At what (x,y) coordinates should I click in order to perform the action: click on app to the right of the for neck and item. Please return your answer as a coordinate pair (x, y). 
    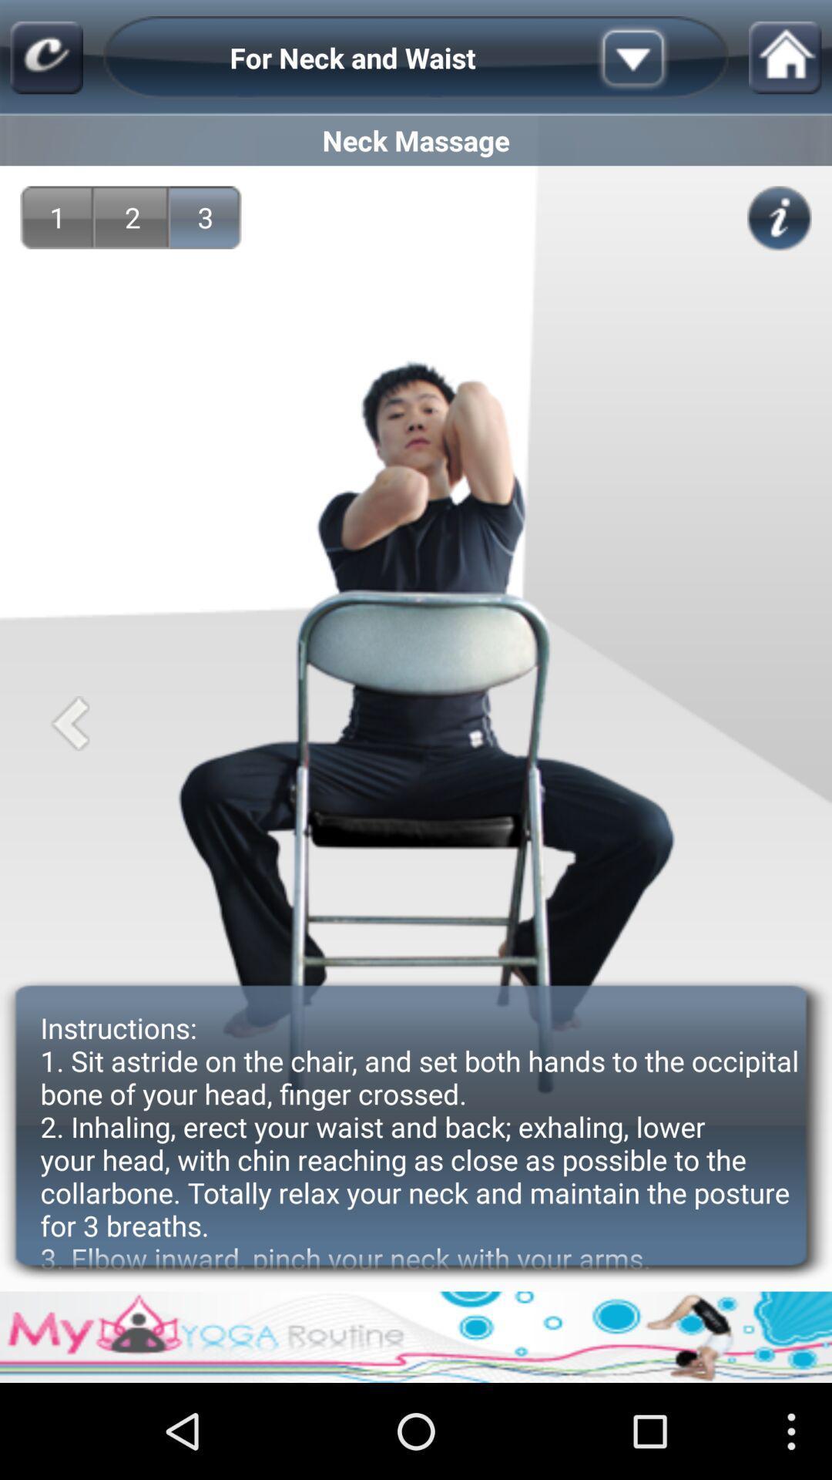
    Looking at the image, I should click on (657, 58).